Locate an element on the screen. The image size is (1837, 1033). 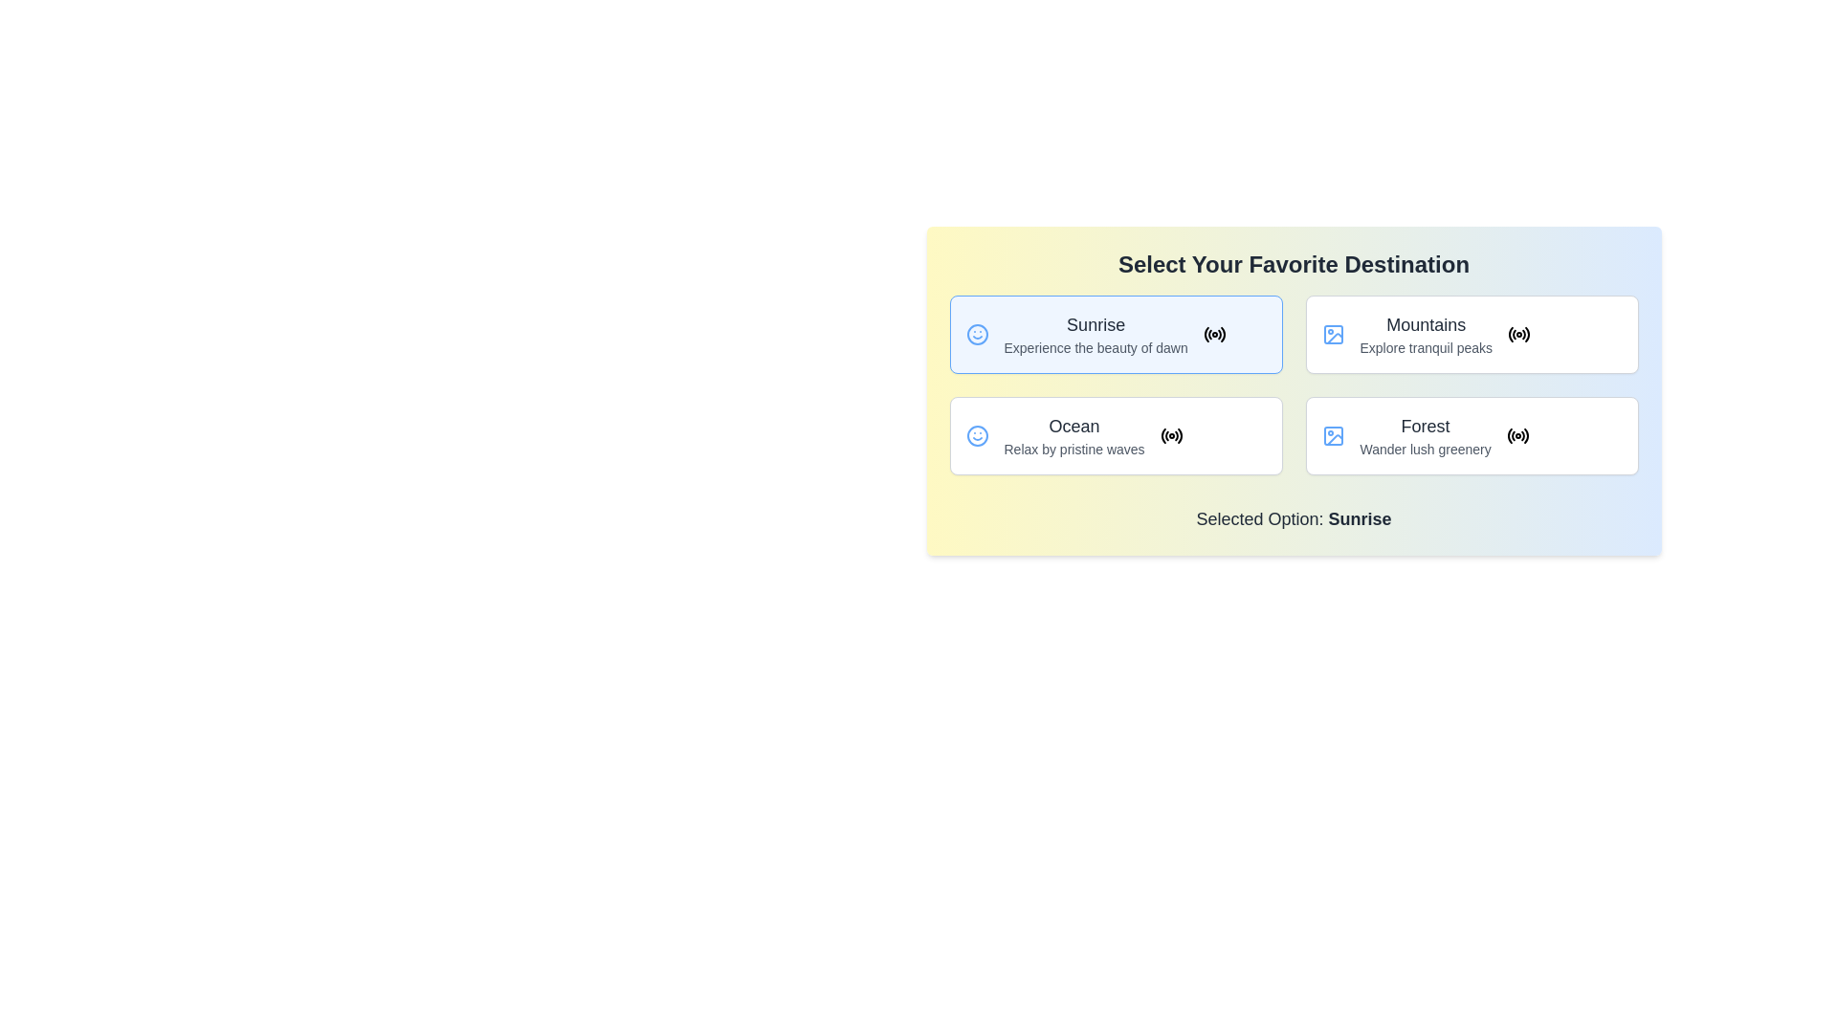
the blue image icon representing a photo or image attachment located to the left of the text 'Mountains' in the grid layout for destination options is located at coordinates (1332, 334).